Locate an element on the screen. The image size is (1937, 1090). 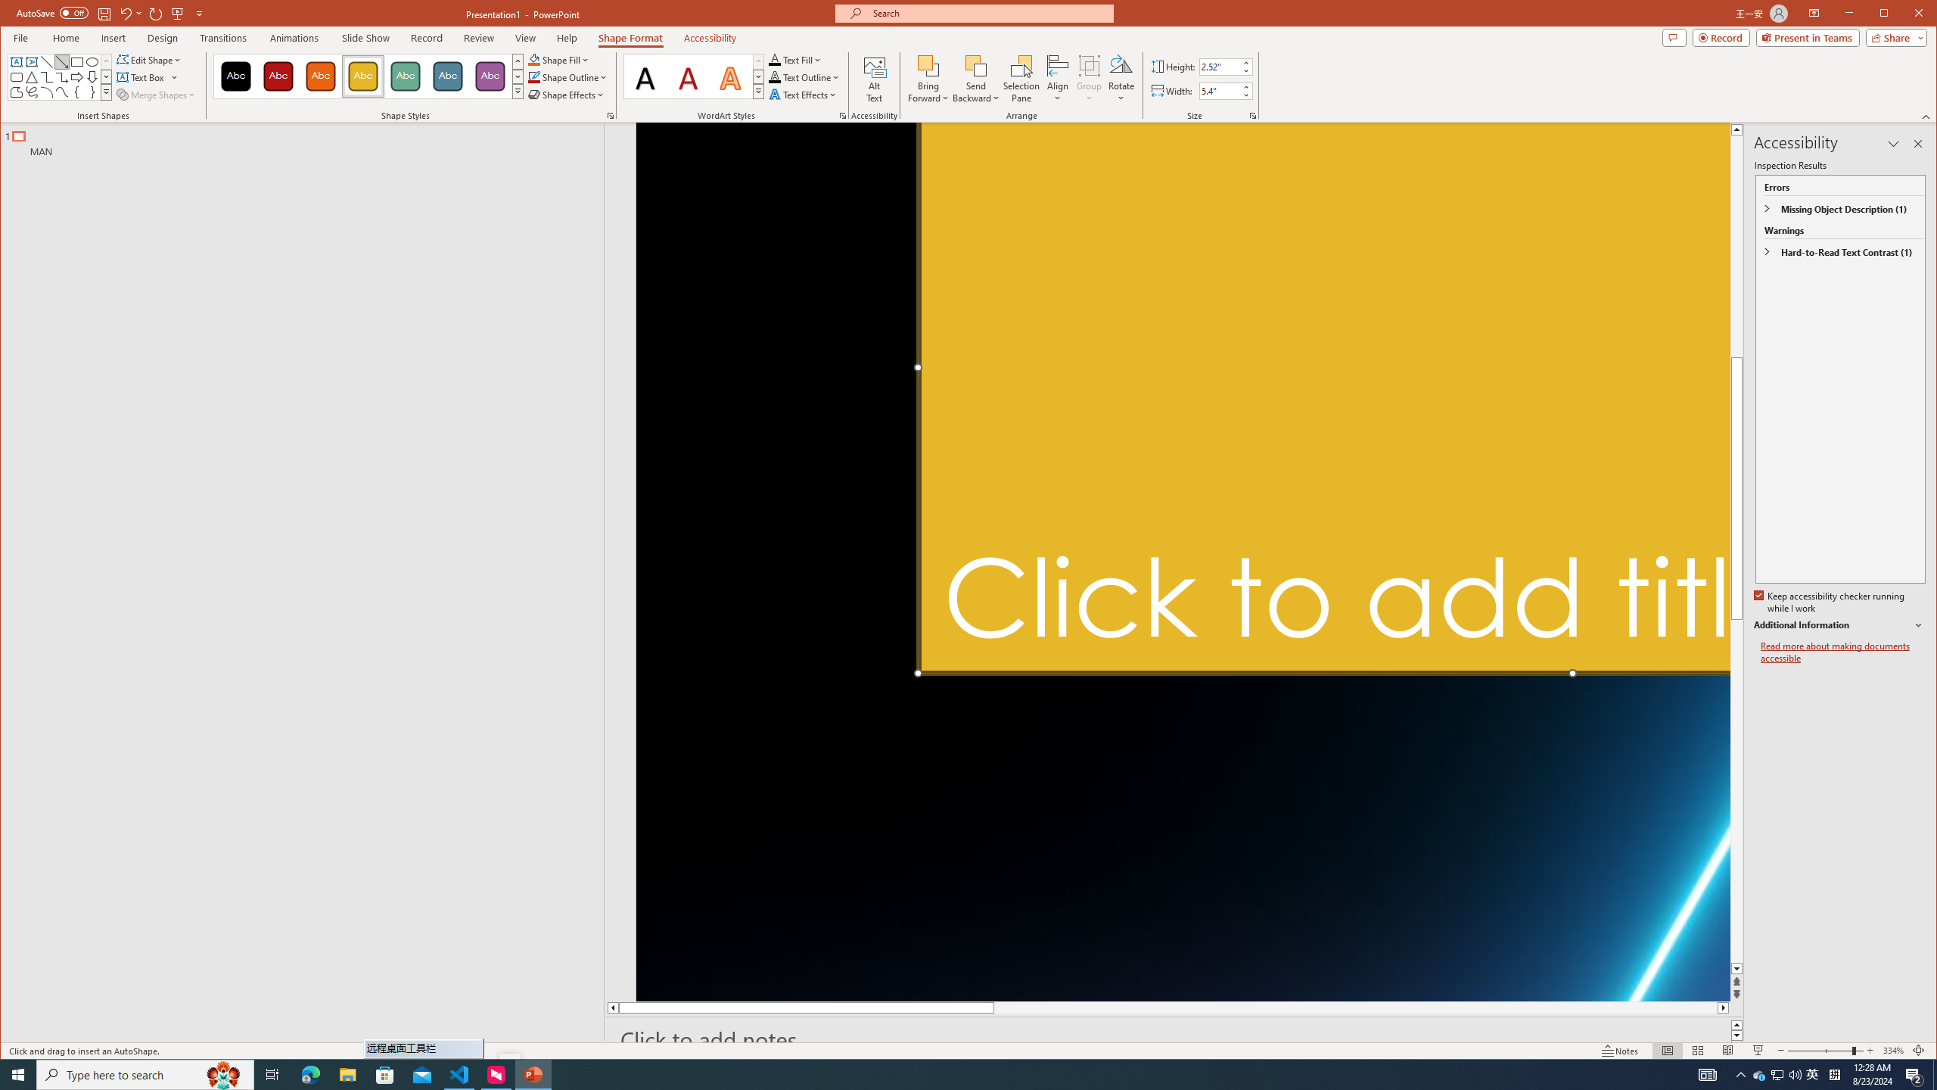
'Shape Format' is located at coordinates (630, 37).